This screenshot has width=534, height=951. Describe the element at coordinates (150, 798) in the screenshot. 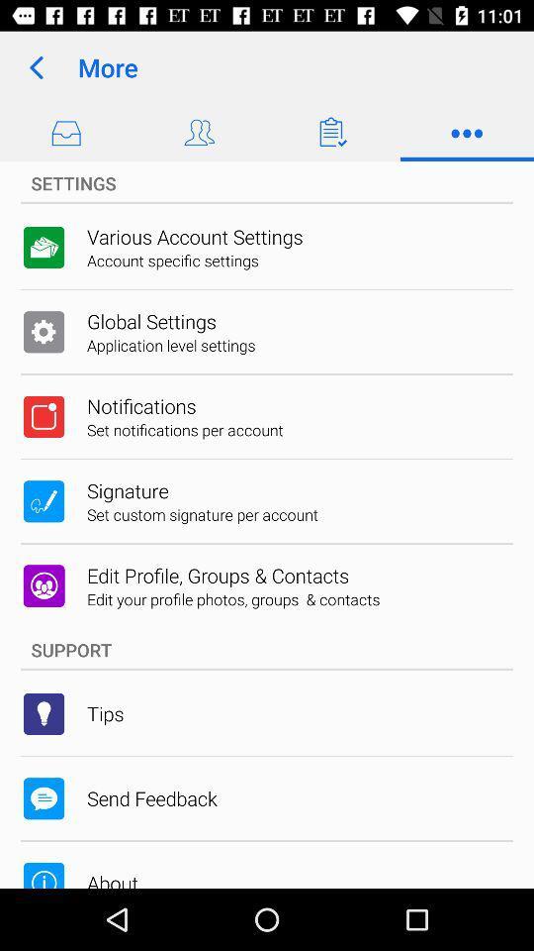

I see `send feedback app` at that location.